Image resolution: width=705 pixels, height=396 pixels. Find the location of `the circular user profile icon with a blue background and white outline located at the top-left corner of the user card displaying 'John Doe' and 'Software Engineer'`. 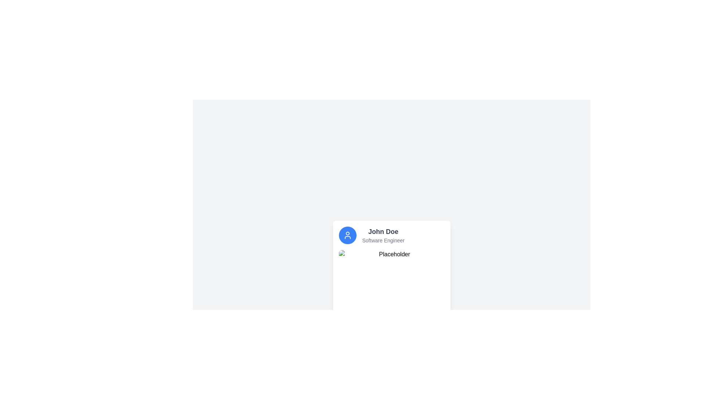

the circular user profile icon with a blue background and white outline located at the top-left corner of the user card displaying 'John Doe' and 'Software Engineer' is located at coordinates (347, 235).